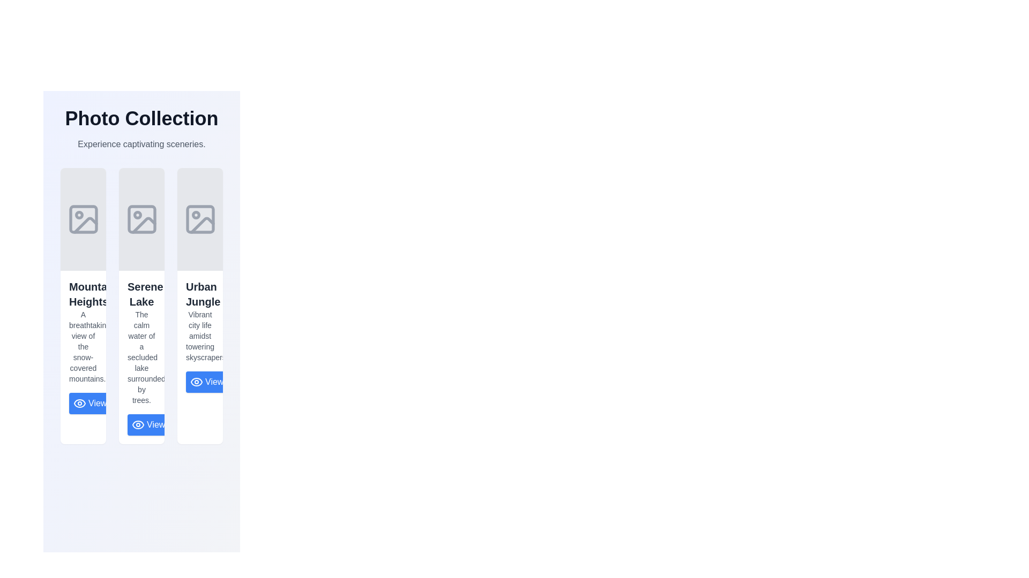 The height and width of the screenshot is (578, 1029). What do you see at coordinates (200, 336) in the screenshot?
I see `the text block element containing the title 'Urban Jungle' and description 'Vibrant city life amidst towering skyscrapers.' which is located in the third card of the horizontally aligned list` at bounding box center [200, 336].